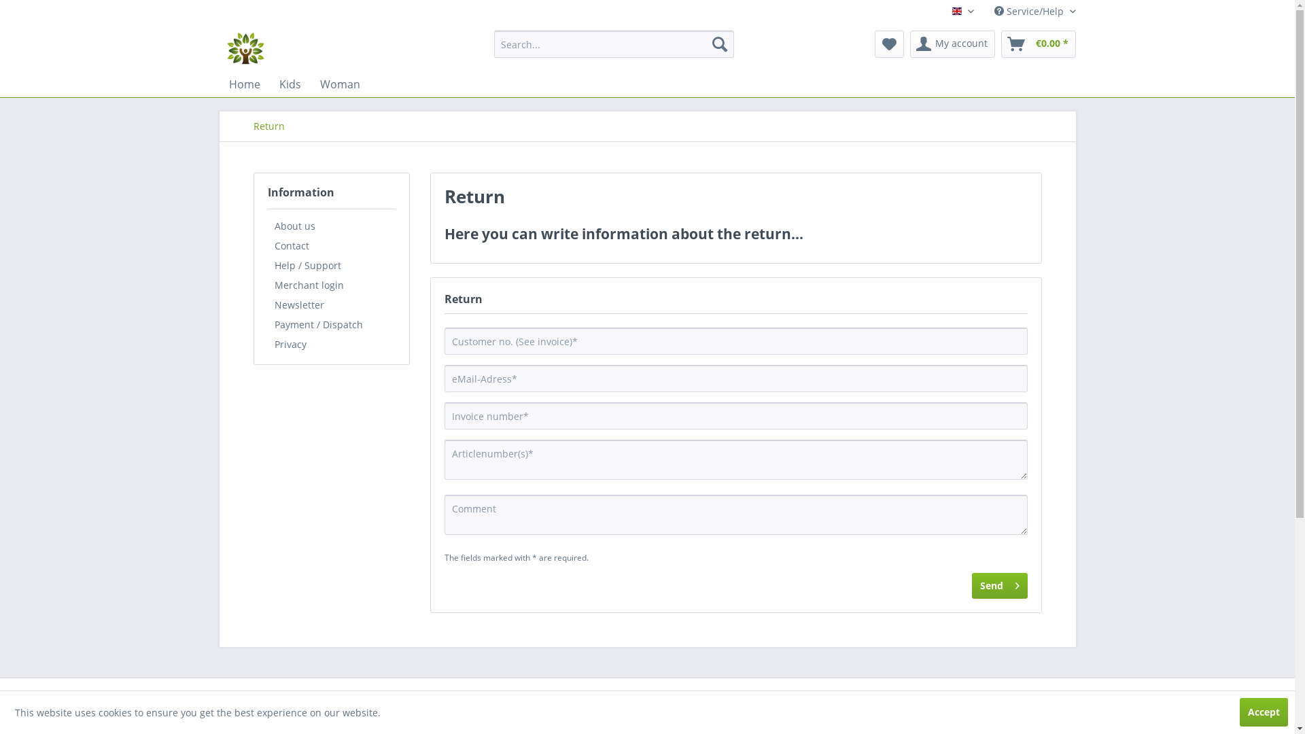 This screenshot has height=734, width=1305. Describe the element at coordinates (267, 304) in the screenshot. I see `'Newsletter'` at that location.